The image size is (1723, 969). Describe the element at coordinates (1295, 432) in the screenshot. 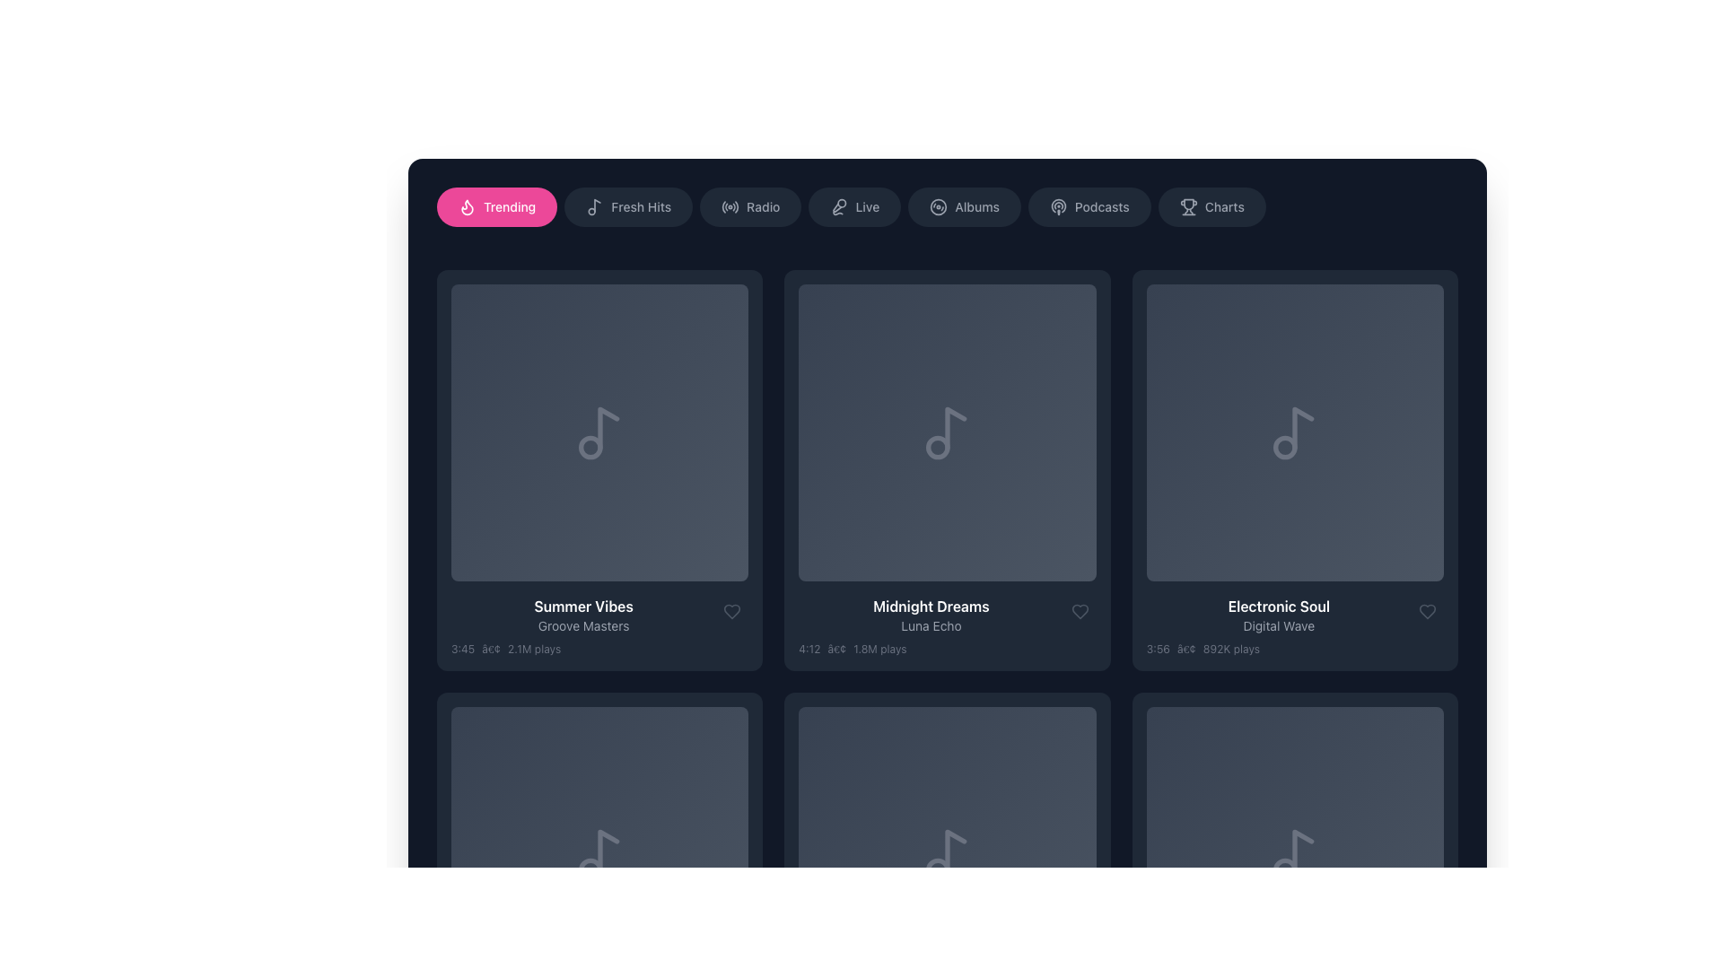

I see `the musical note icon which is part of the 'Electronic Soul' tile located in the upper-right section of the interface` at that location.